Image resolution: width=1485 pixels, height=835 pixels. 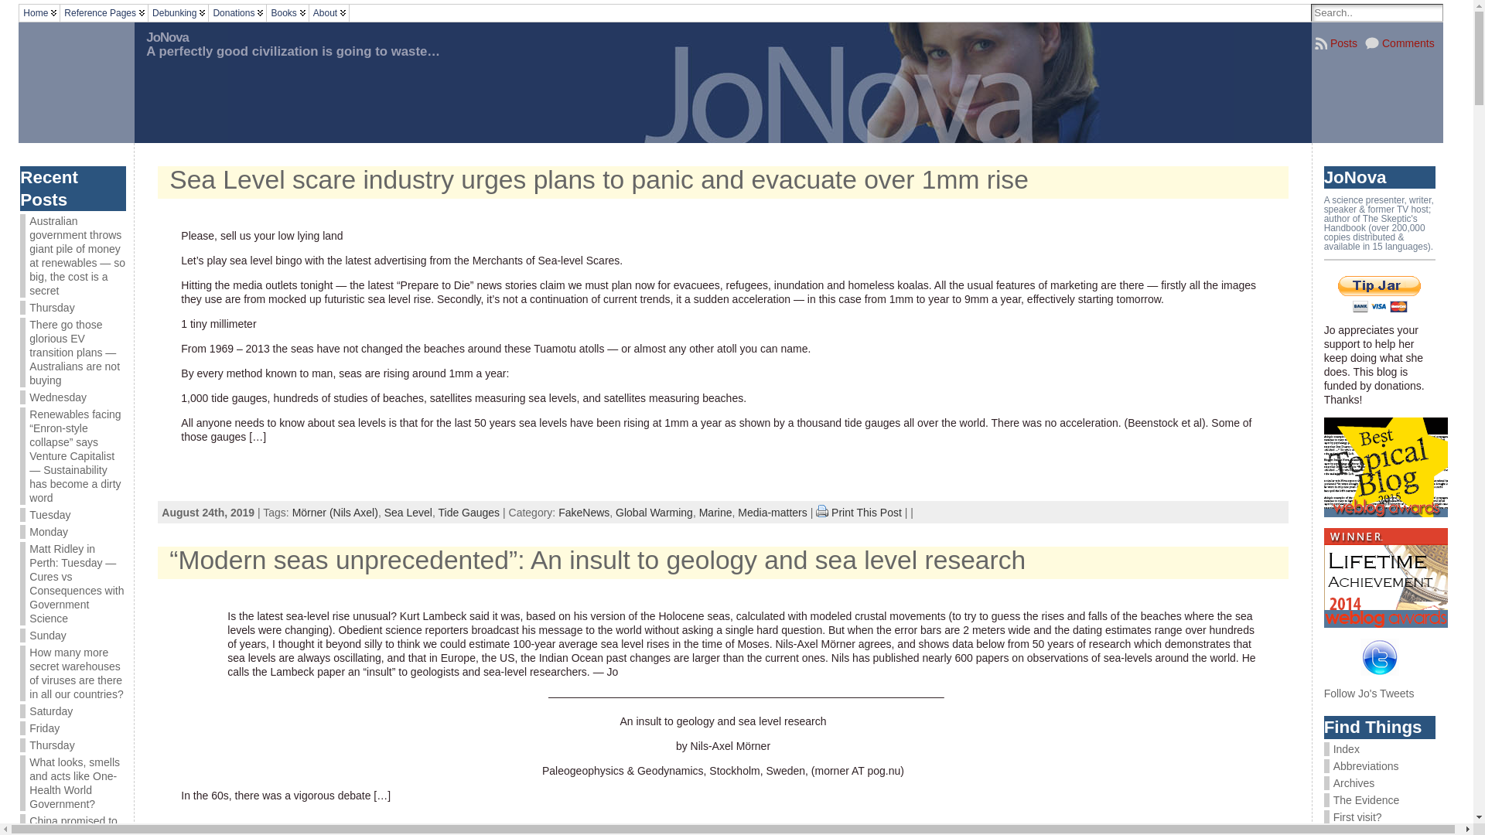 What do you see at coordinates (1380, 799) in the screenshot?
I see `'The Evidence'` at bounding box center [1380, 799].